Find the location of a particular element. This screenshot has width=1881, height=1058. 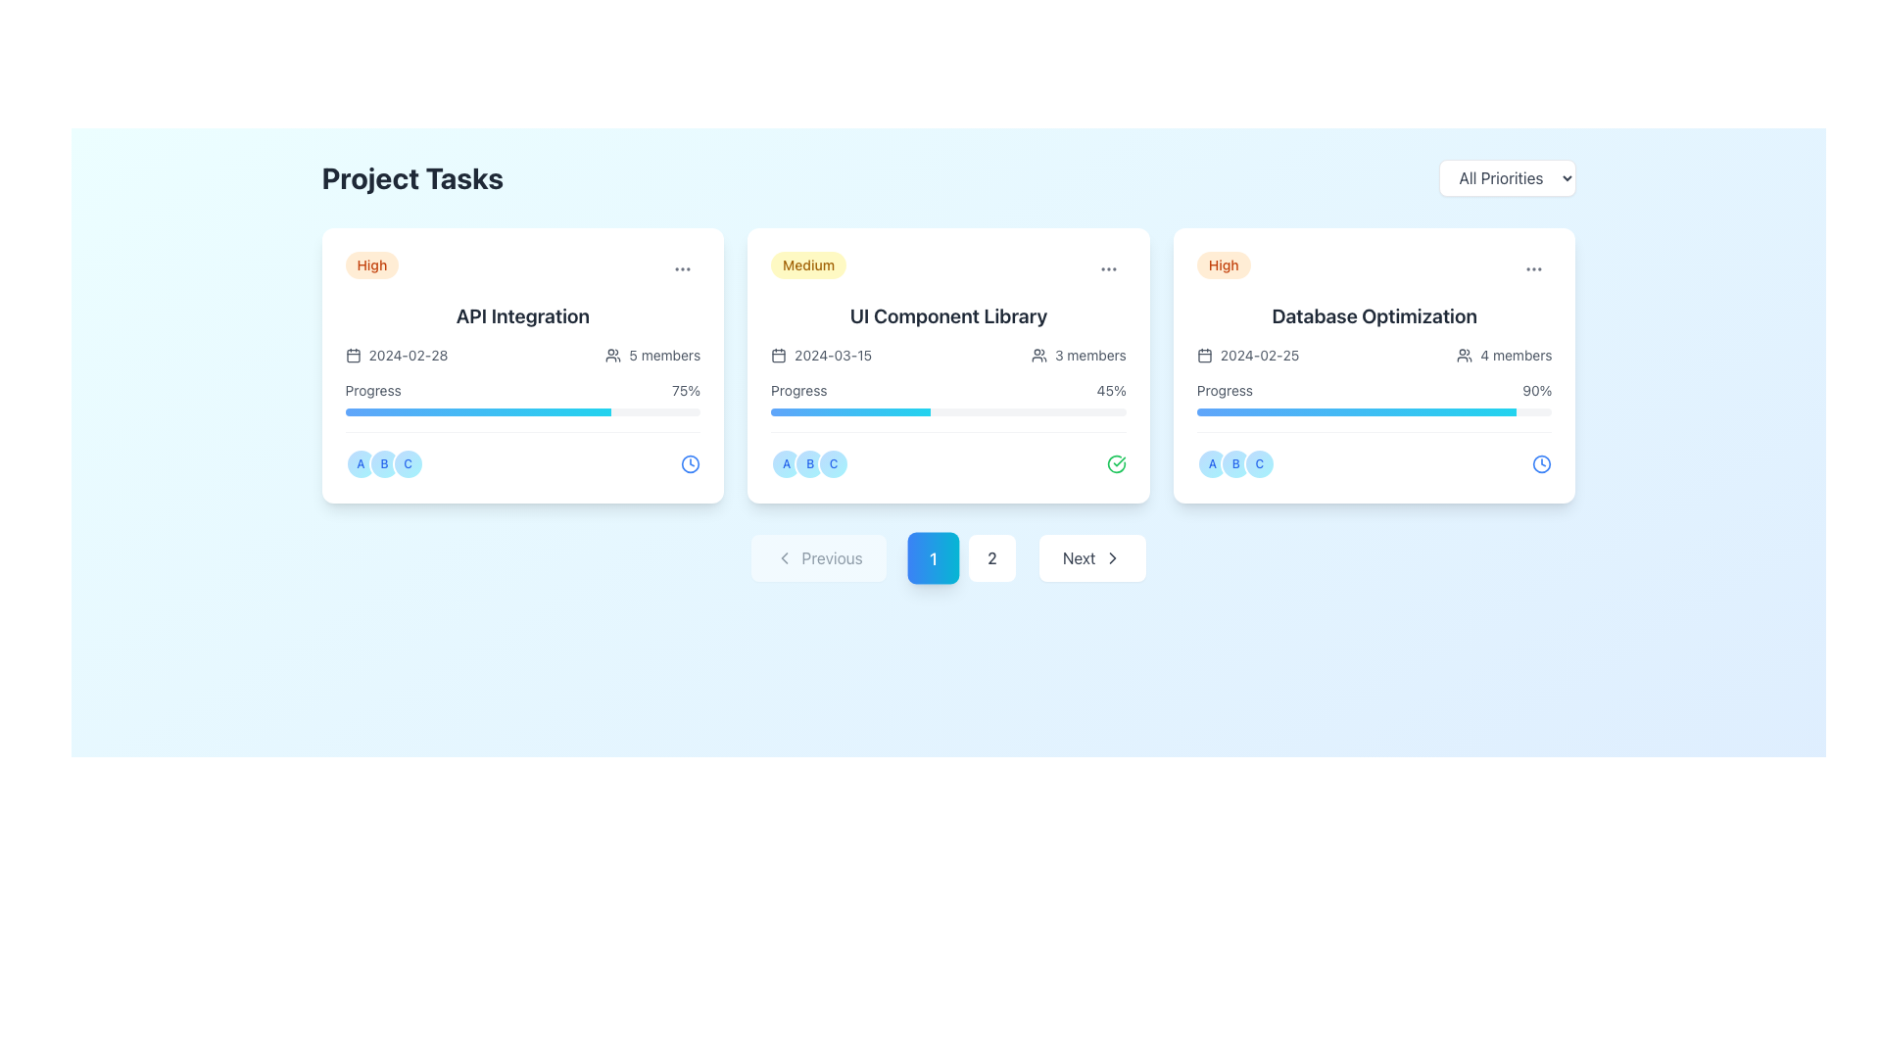

the dropdown menu labeled 'All Priorities' is located at coordinates (1506, 177).